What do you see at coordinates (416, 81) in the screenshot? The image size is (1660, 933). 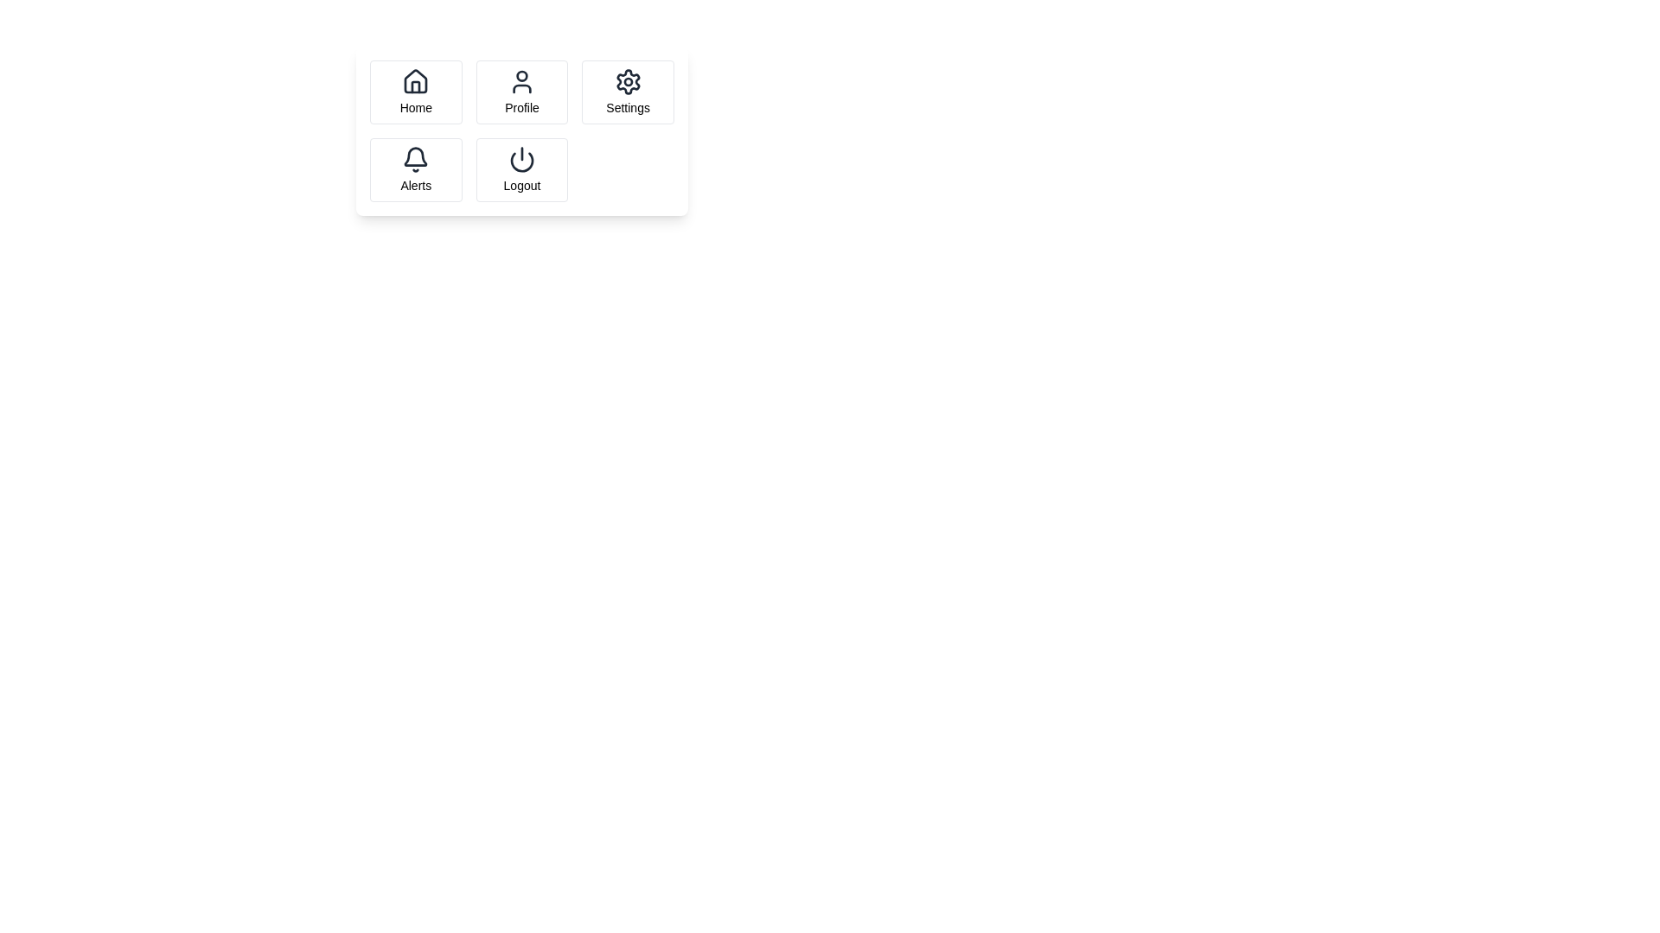 I see `the house-shaped icon` at bounding box center [416, 81].